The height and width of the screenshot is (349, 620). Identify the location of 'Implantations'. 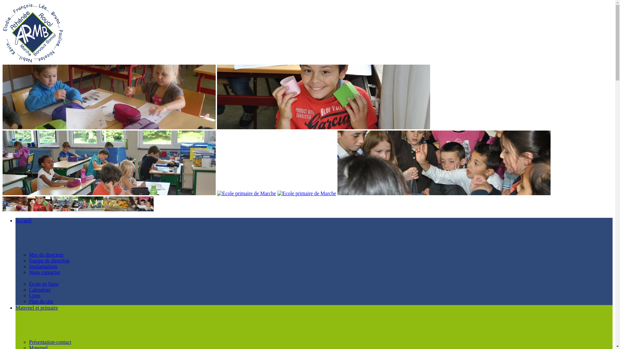
(43, 266).